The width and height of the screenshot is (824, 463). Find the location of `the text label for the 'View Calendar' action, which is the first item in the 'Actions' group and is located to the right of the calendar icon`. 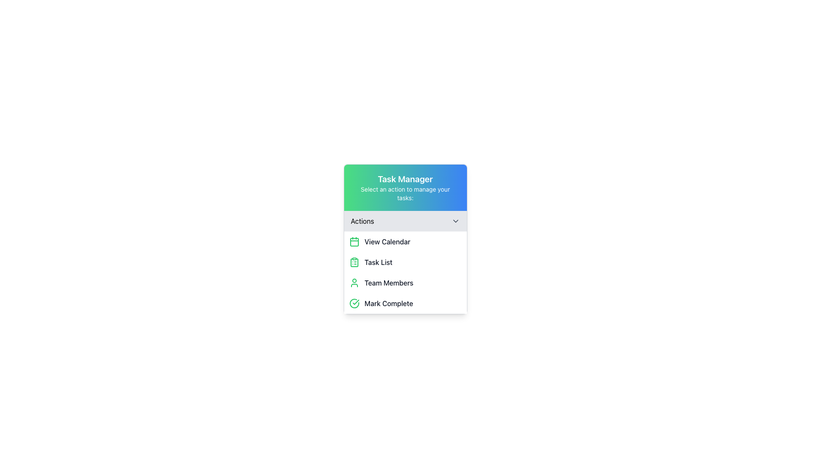

the text label for the 'View Calendar' action, which is the first item in the 'Actions' group and is located to the right of the calendar icon is located at coordinates (387, 241).